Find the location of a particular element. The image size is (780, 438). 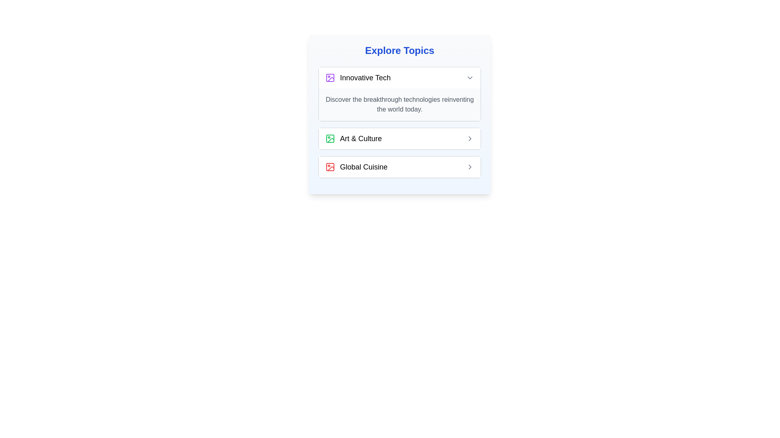

the 'Global Cuisine' text label within the 'Explore Topics' panel, which is the last item in the vertical list is located at coordinates (363, 167).